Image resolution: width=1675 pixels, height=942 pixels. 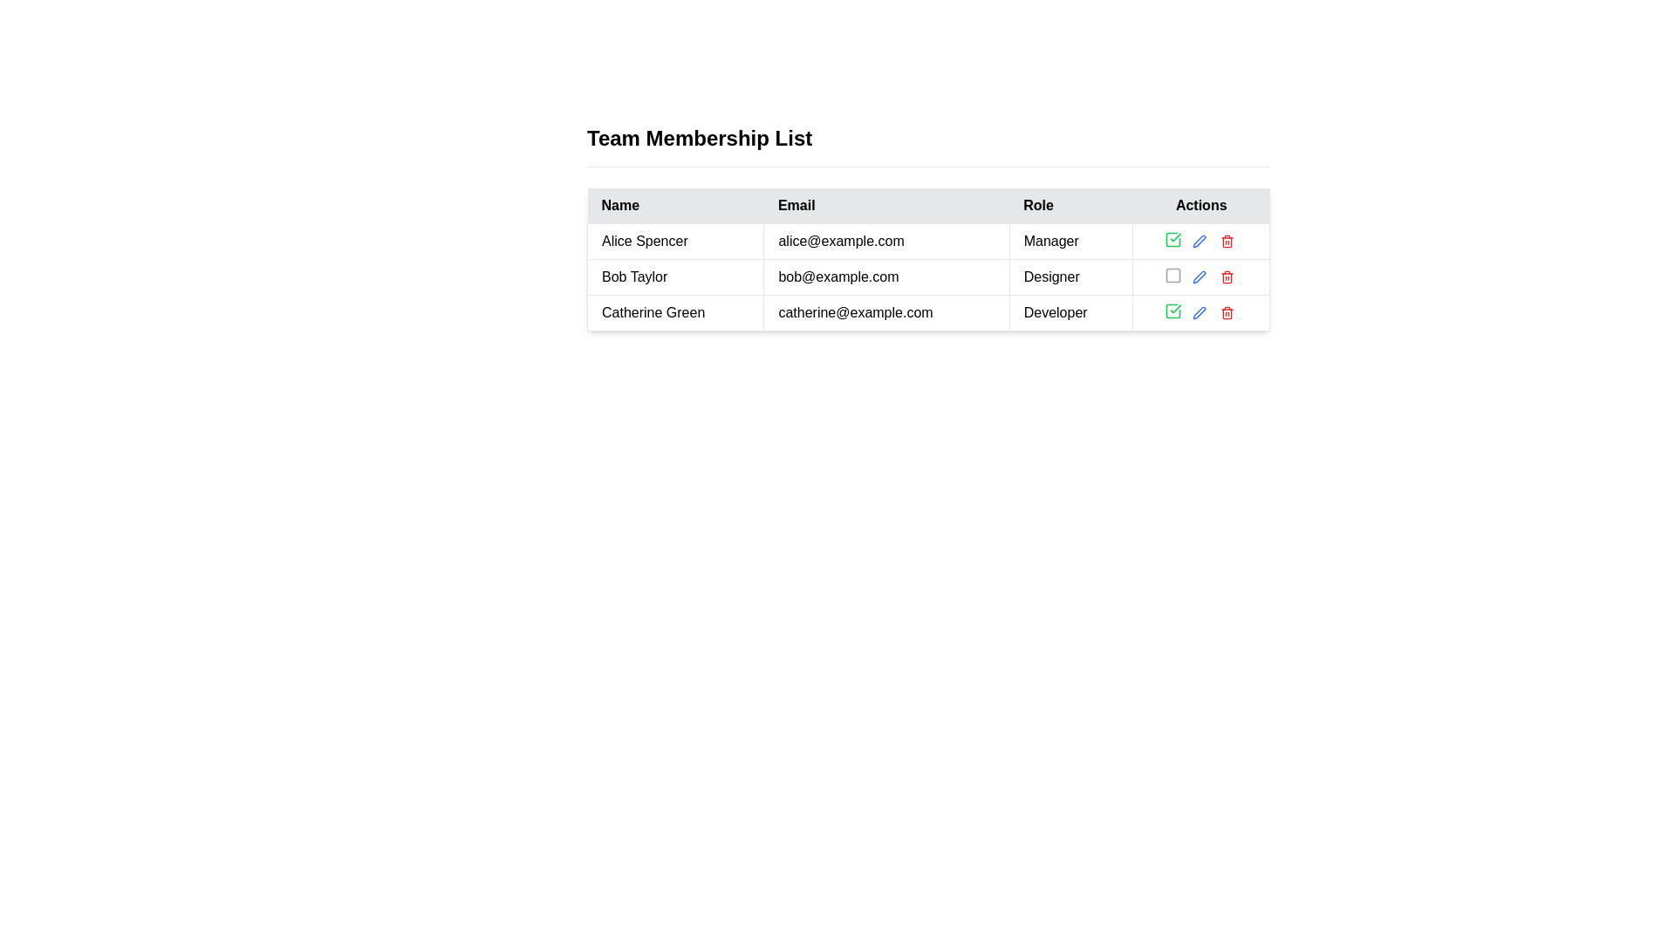 What do you see at coordinates (1173, 311) in the screenshot?
I see `the graphical icon representing a green checkmark inside a square in the 'Actions' column of the table row for 'Alice Spencer'` at bounding box center [1173, 311].